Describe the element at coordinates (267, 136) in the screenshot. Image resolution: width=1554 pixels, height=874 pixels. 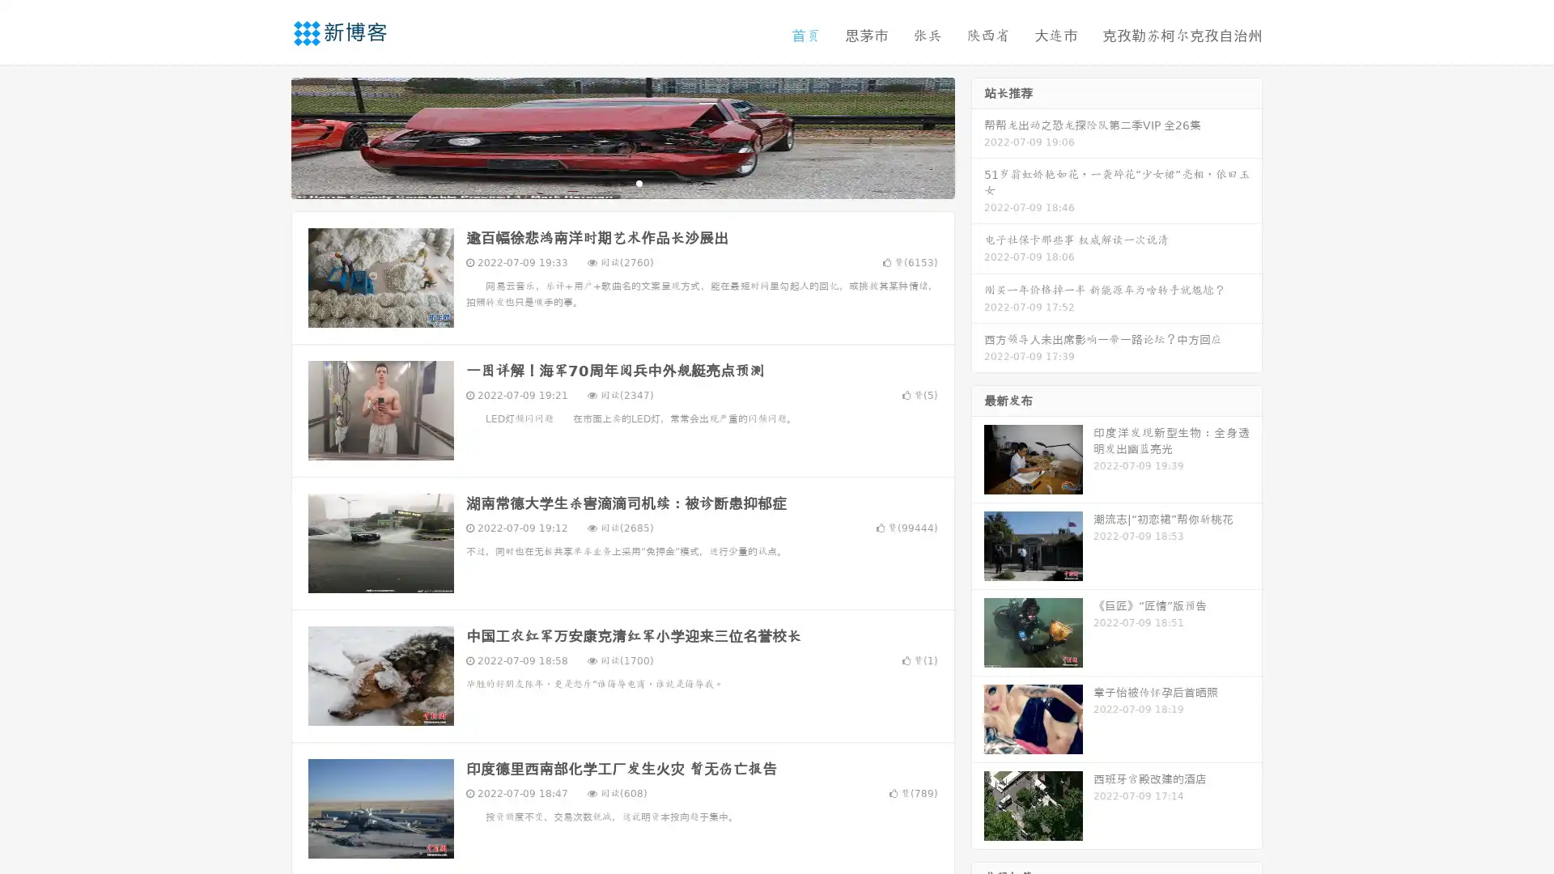
I see `Previous slide` at that location.